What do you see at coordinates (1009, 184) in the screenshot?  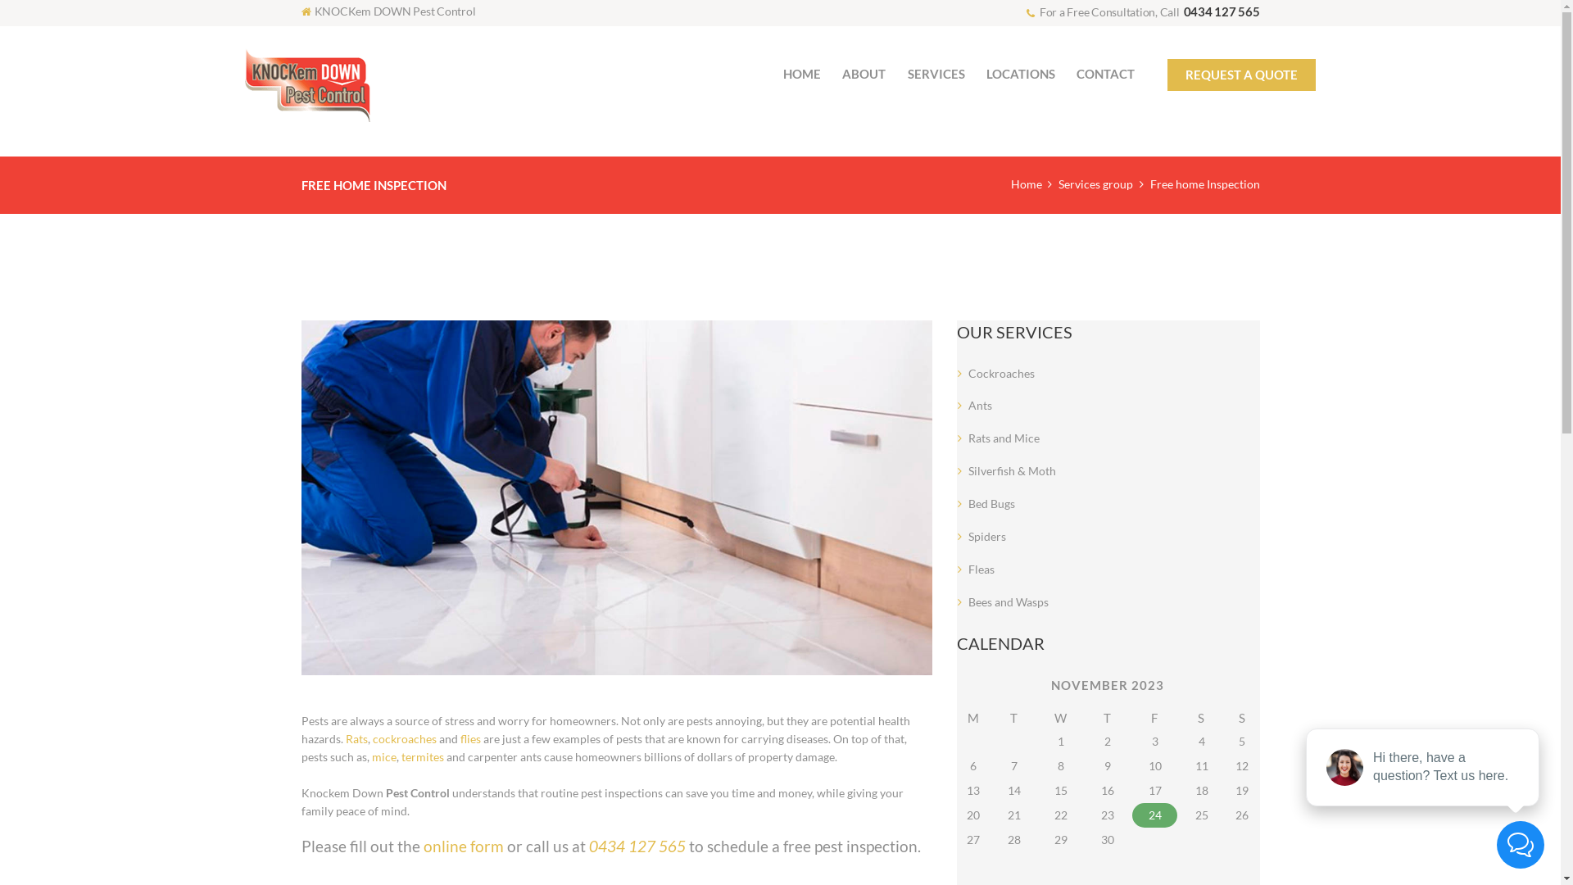 I see `'Home'` at bounding box center [1009, 184].